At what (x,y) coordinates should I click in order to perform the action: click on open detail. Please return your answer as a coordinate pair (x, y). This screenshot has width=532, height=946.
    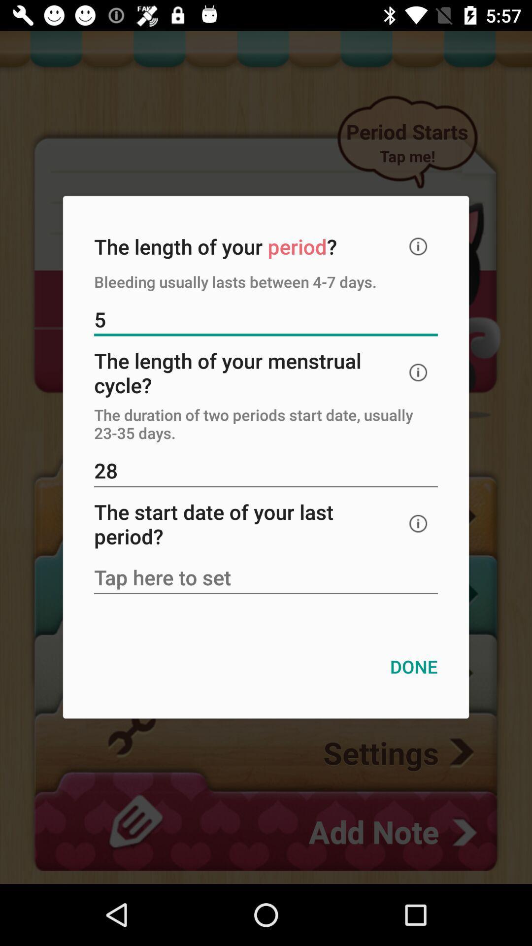
    Looking at the image, I should click on (418, 246).